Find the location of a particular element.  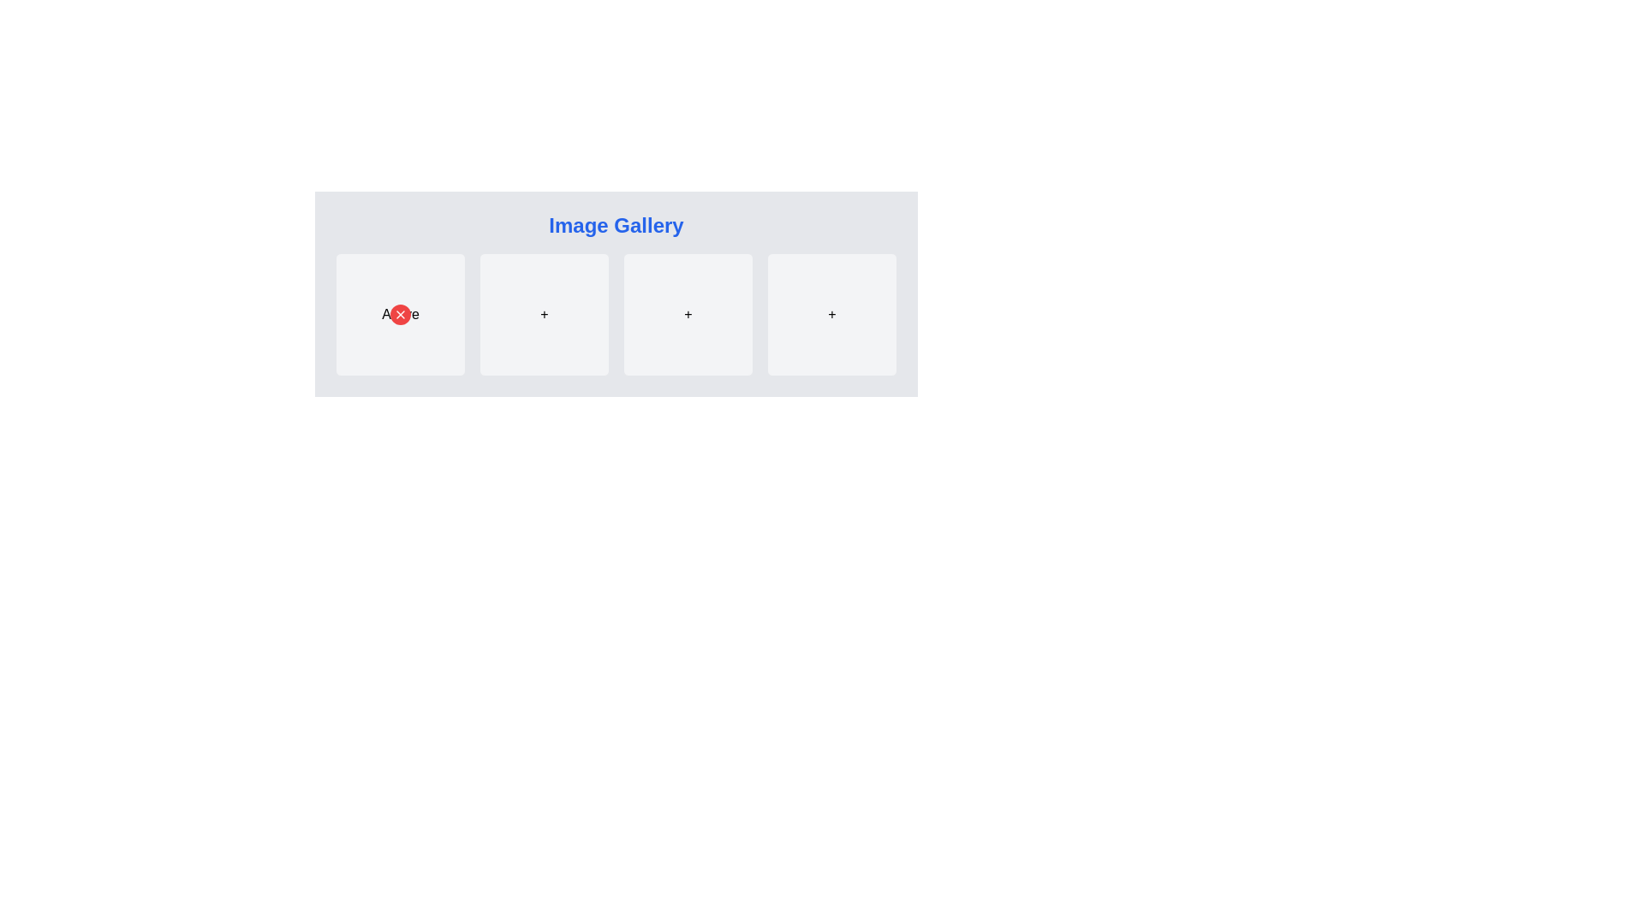

the fourth tile button in the 'Image Gallery' grid, which has a light gray background and a black '+' symbol is located at coordinates (831, 314).